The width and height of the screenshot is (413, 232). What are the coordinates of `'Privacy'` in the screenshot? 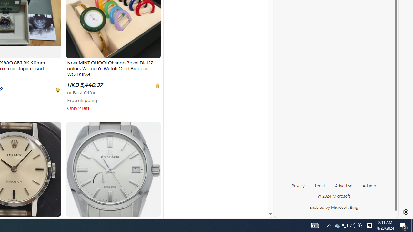 It's located at (297, 188).